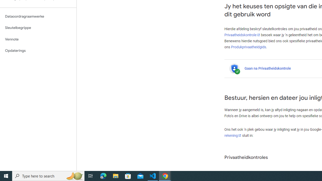 The image size is (322, 181). I want to click on 'Produkprivaatheidgids', so click(249, 47).